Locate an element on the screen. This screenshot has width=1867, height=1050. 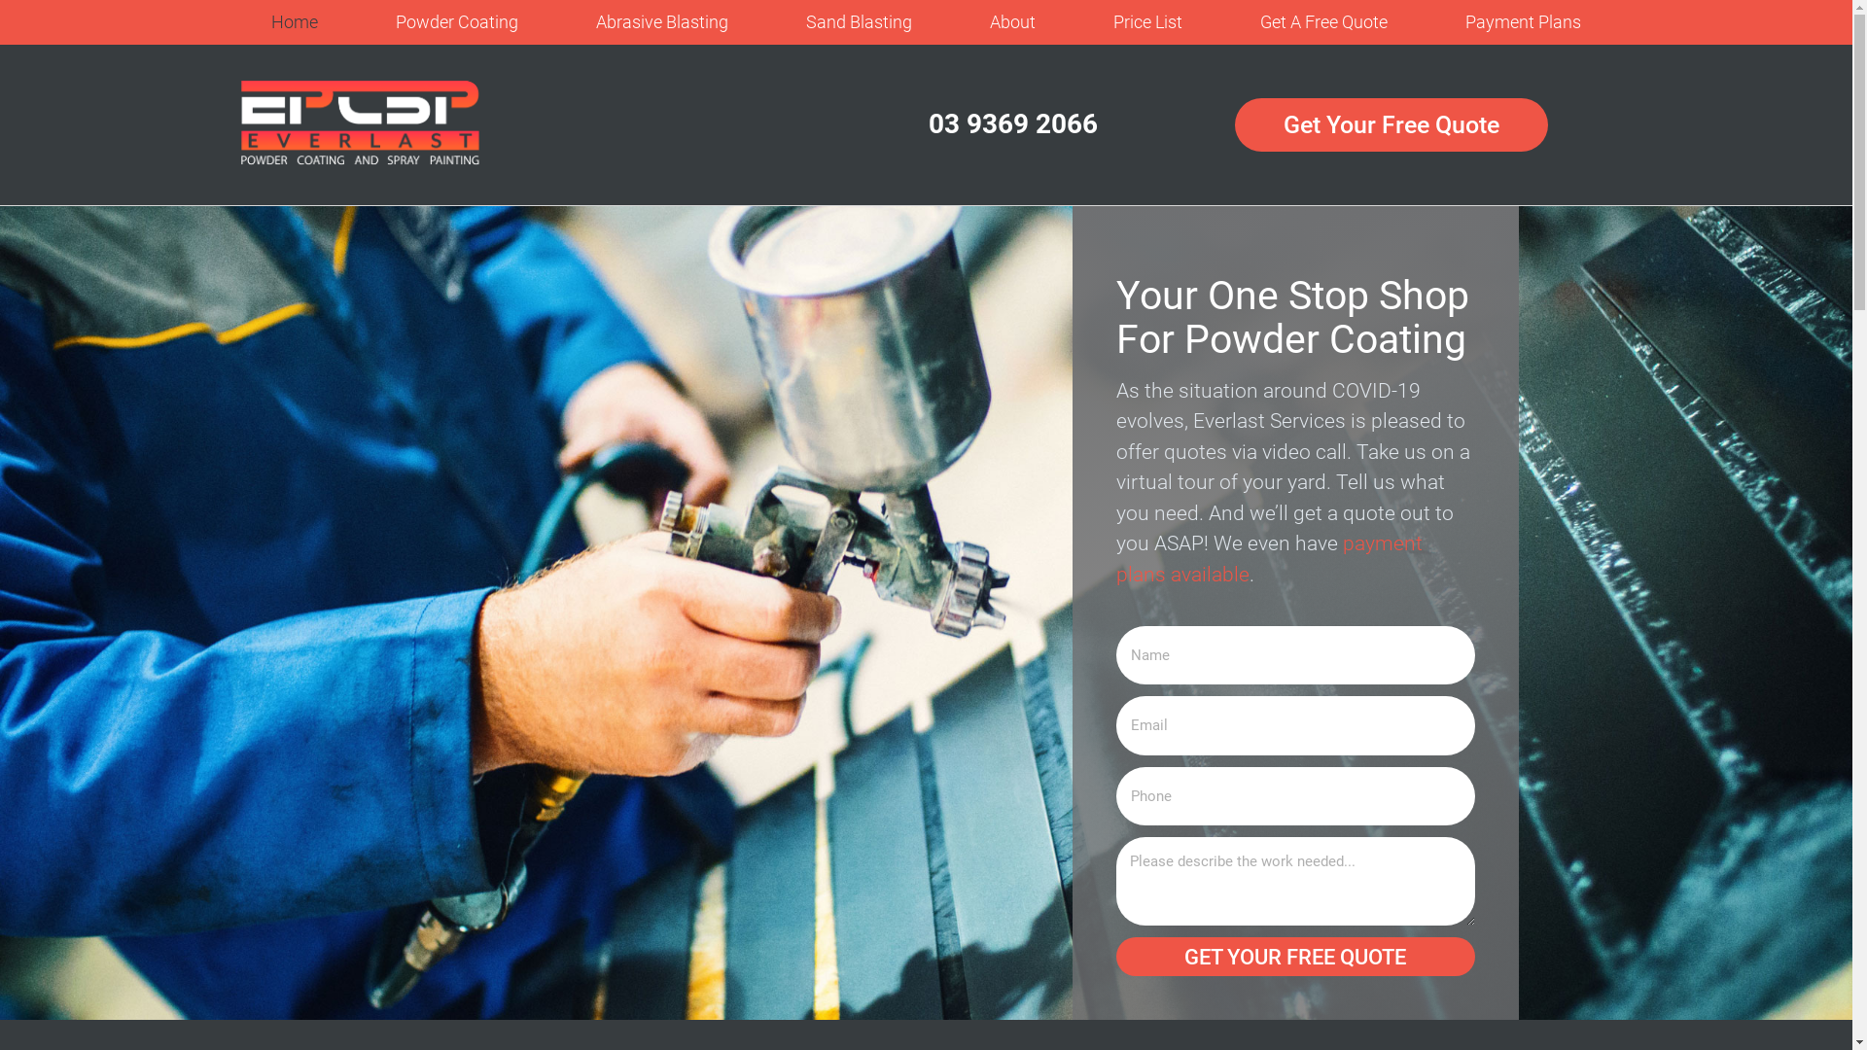
'03 9369 2066' is located at coordinates (1011, 123).